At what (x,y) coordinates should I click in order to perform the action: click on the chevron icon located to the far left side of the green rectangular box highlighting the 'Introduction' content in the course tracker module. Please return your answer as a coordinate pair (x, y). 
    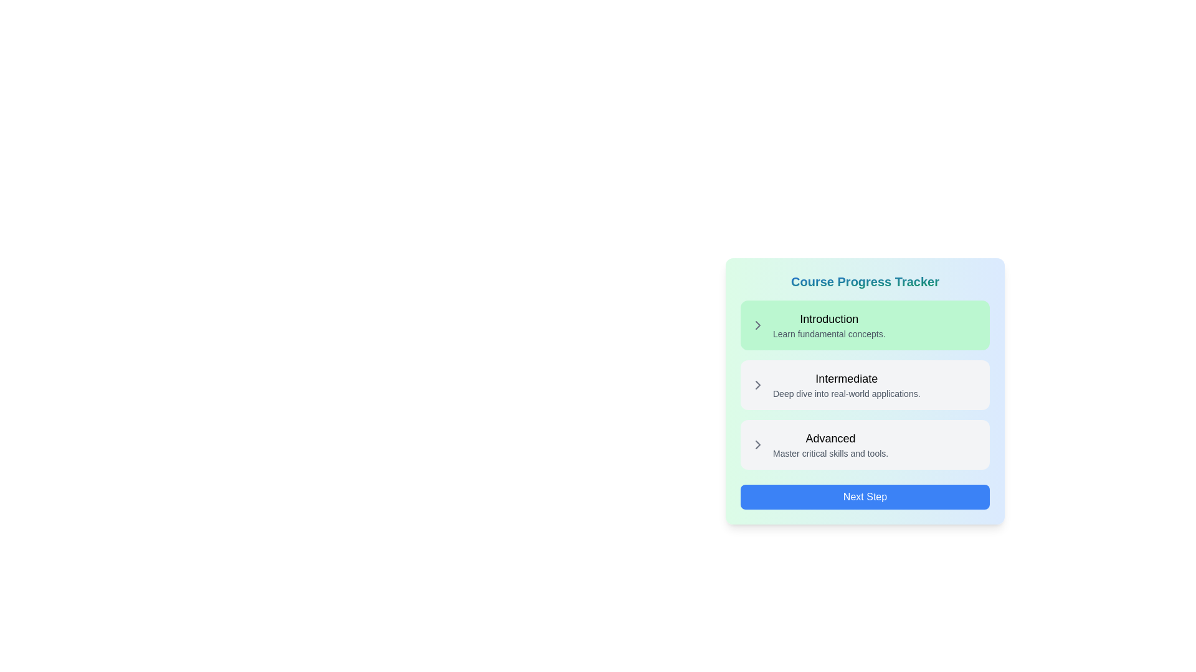
    Looking at the image, I should click on (757, 325).